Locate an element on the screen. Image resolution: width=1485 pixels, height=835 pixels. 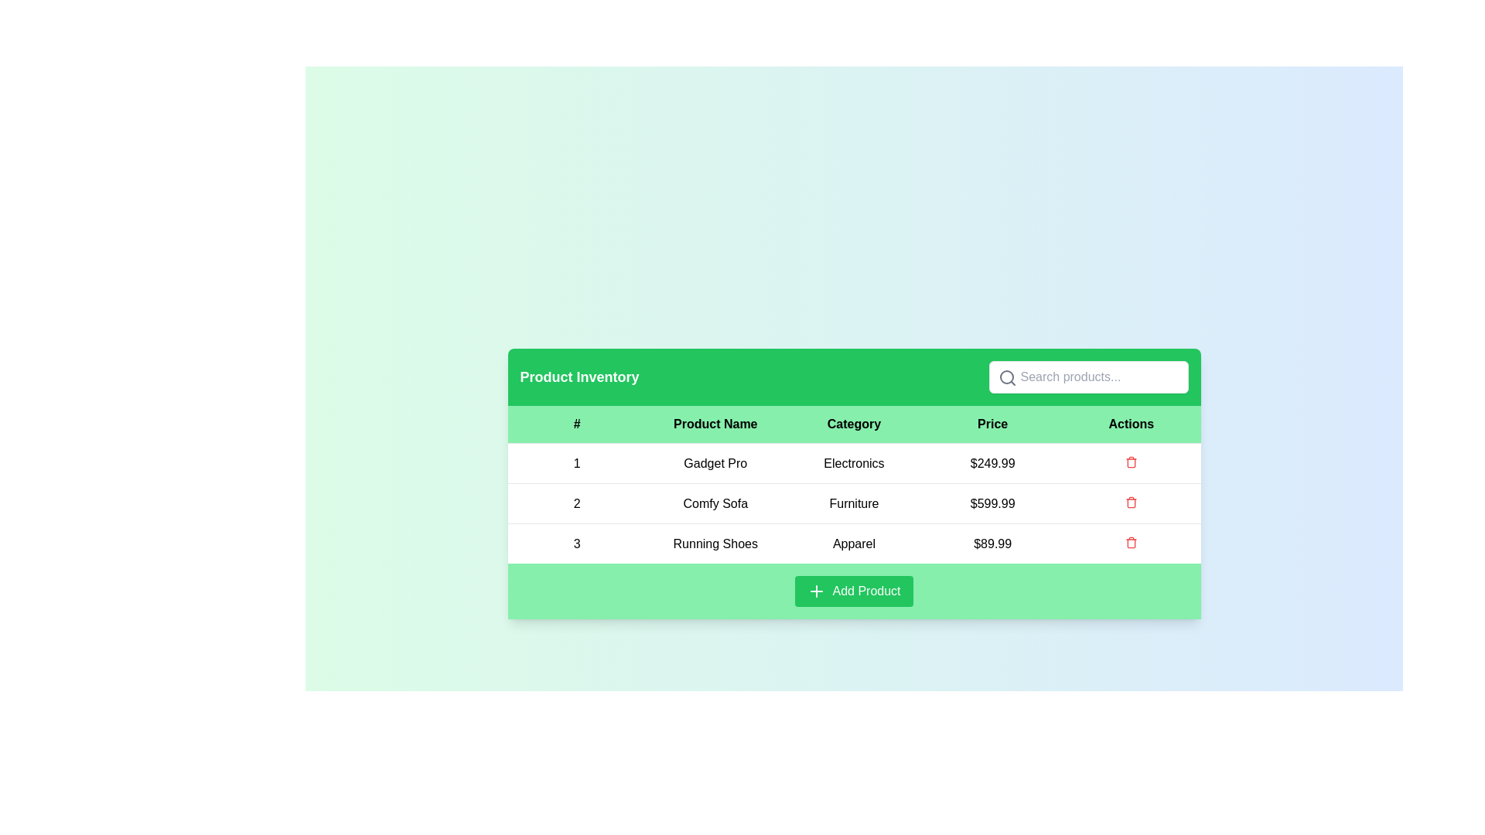
the text label displaying 'Electronics' located in the third column of the first data row in the product table is located at coordinates (853, 462).